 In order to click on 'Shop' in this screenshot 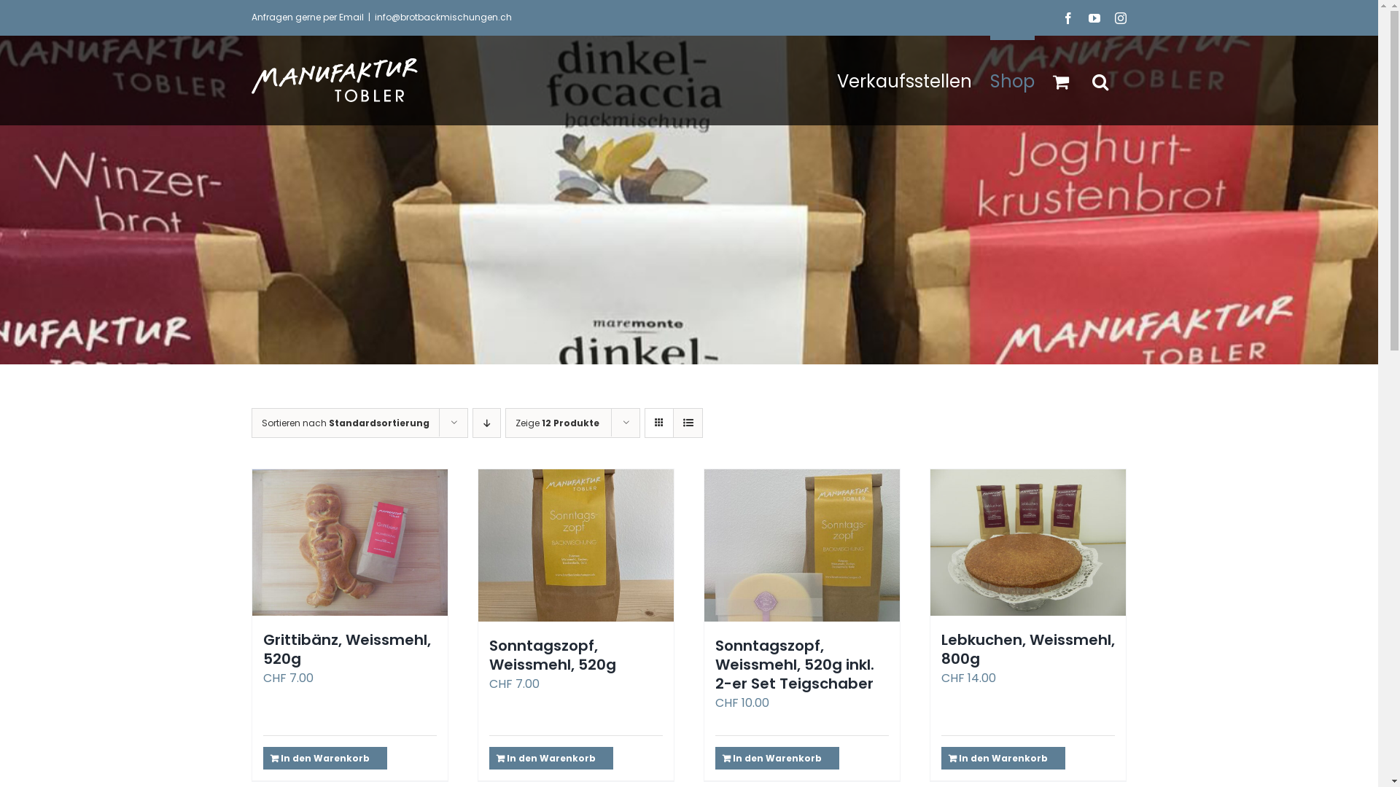, I will do `click(1011, 79)`.